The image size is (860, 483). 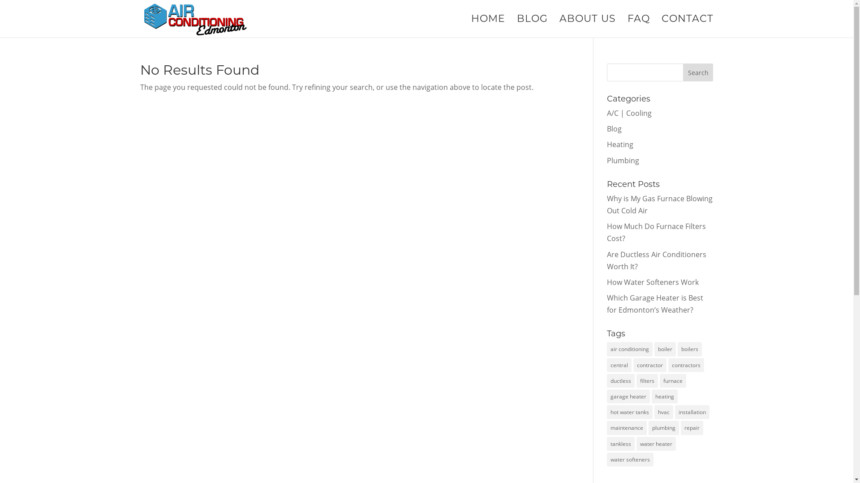 What do you see at coordinates (638, 26) in the screenshot?
I see `'FAQ'` at bounding box center [638, 26].